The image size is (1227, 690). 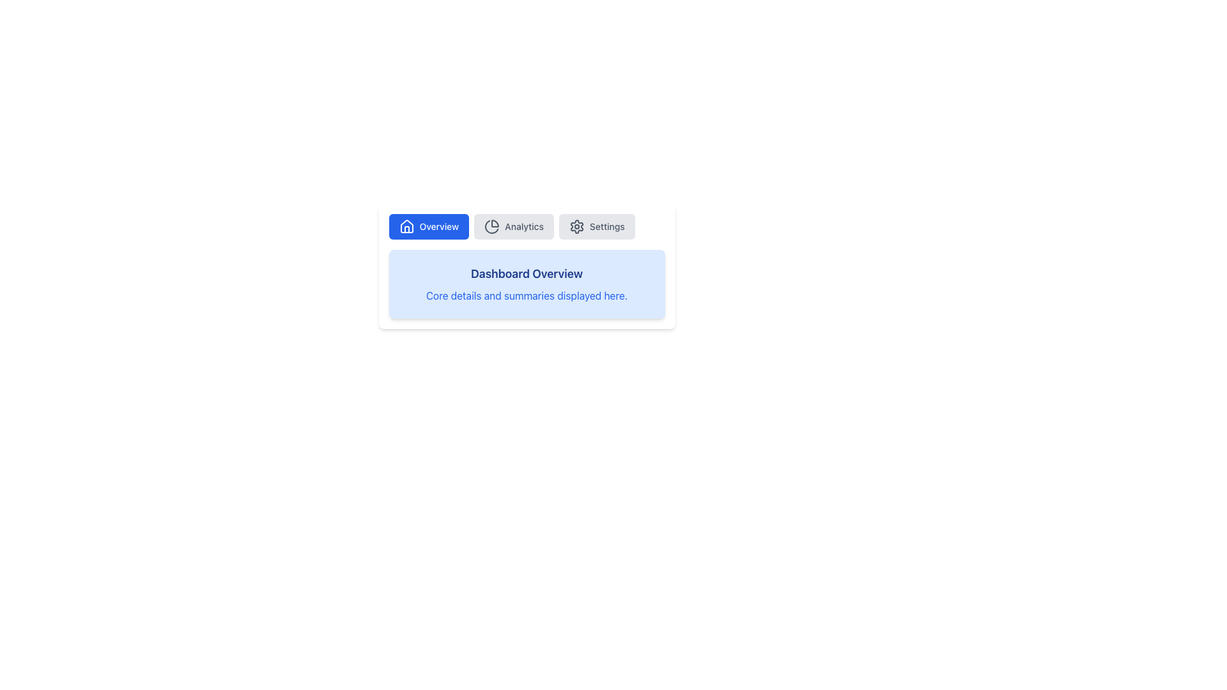 What do you see at coordinates (491, 226) in the screenshot?
I see `the 'Analytics' button icon by clicking on its center point to access its functionalities indirectly` at bounding box center [491, 226].